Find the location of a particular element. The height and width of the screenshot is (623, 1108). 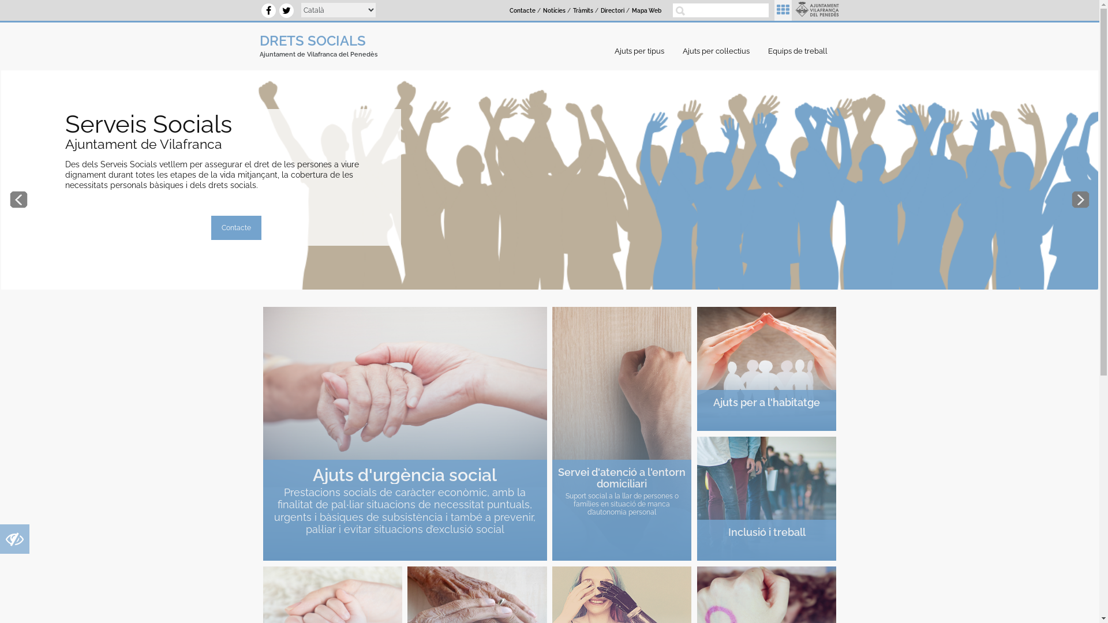

'Ajuts per a l'habitatge' is located at coordinates (766, 369).